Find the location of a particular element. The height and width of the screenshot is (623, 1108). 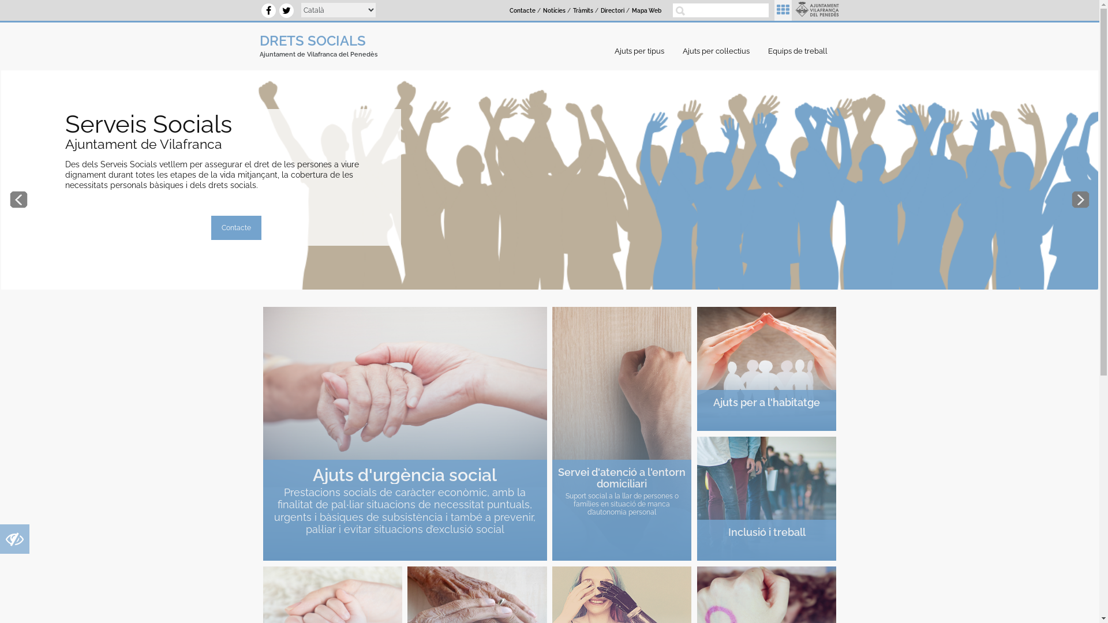

'Ajuts per a l'habitatge' is located at coordinates (766, 369).